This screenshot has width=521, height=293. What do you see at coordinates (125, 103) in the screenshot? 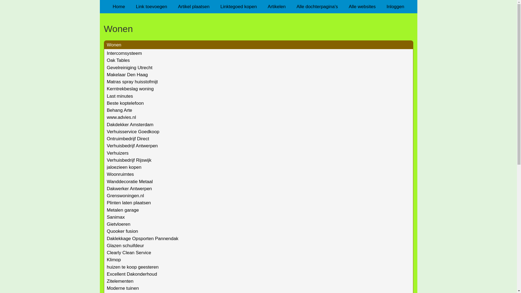
I see `'Beste koptelefoon'` at bounding box center [125, 103].